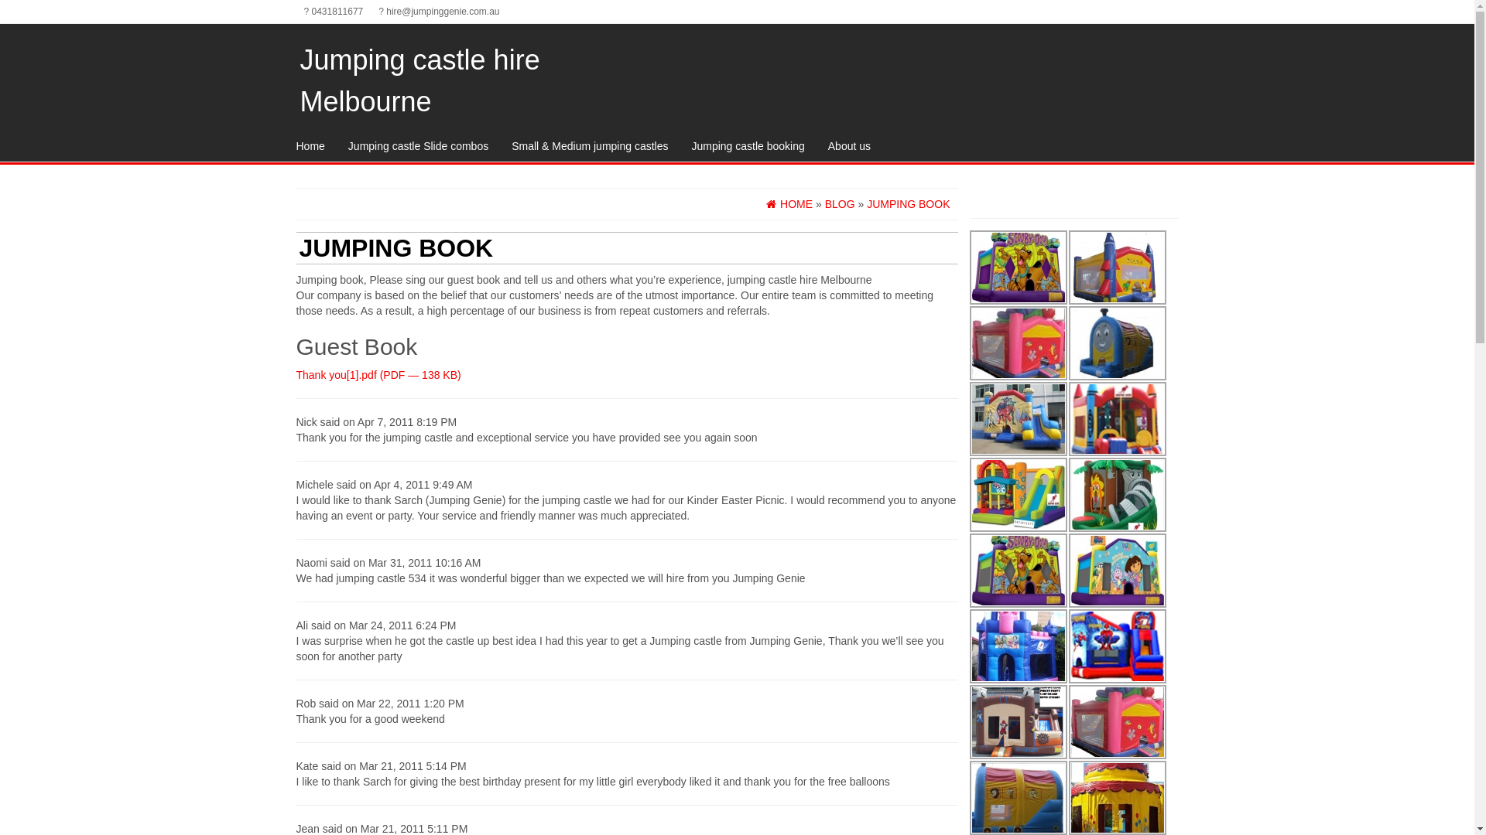  What do you see at coordinates (908, 203) in the screenshot?
I see `'JUMPING BOOK'` at bounding box center [908, 203].